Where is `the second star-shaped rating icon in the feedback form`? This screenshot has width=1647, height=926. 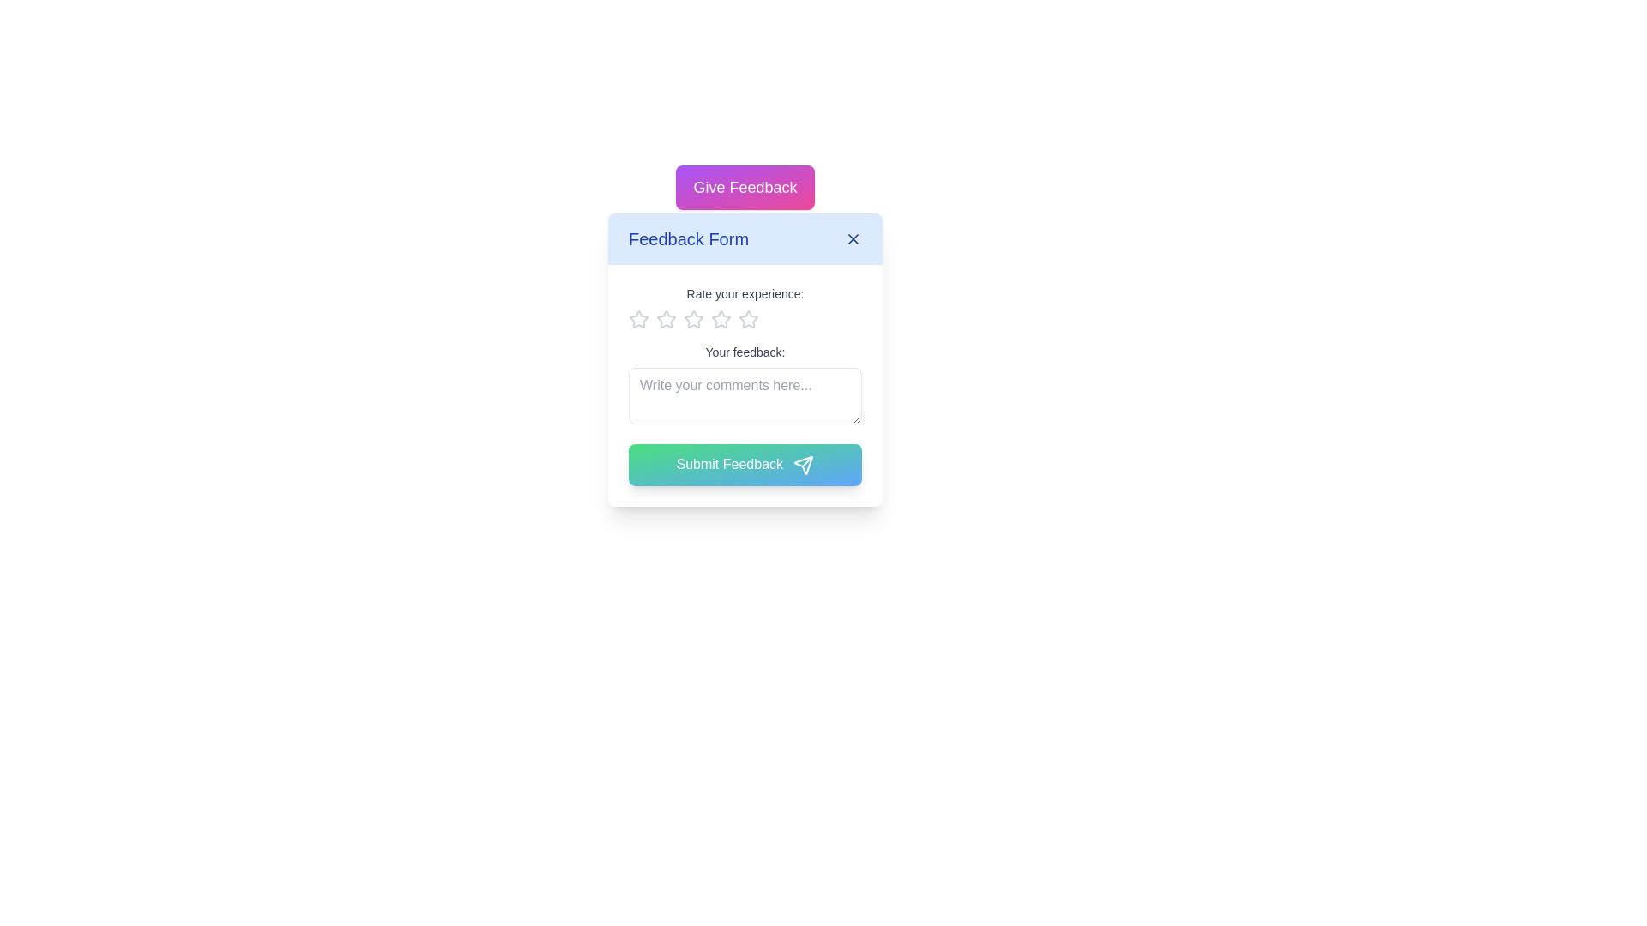
the second star-shaped rating icon in the feedback form is located at coordinates (721, 319).